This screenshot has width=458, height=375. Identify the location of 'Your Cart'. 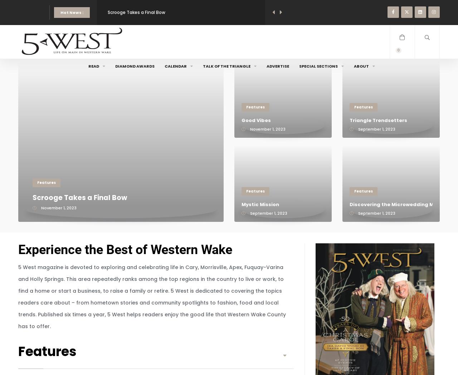
(389, 67).